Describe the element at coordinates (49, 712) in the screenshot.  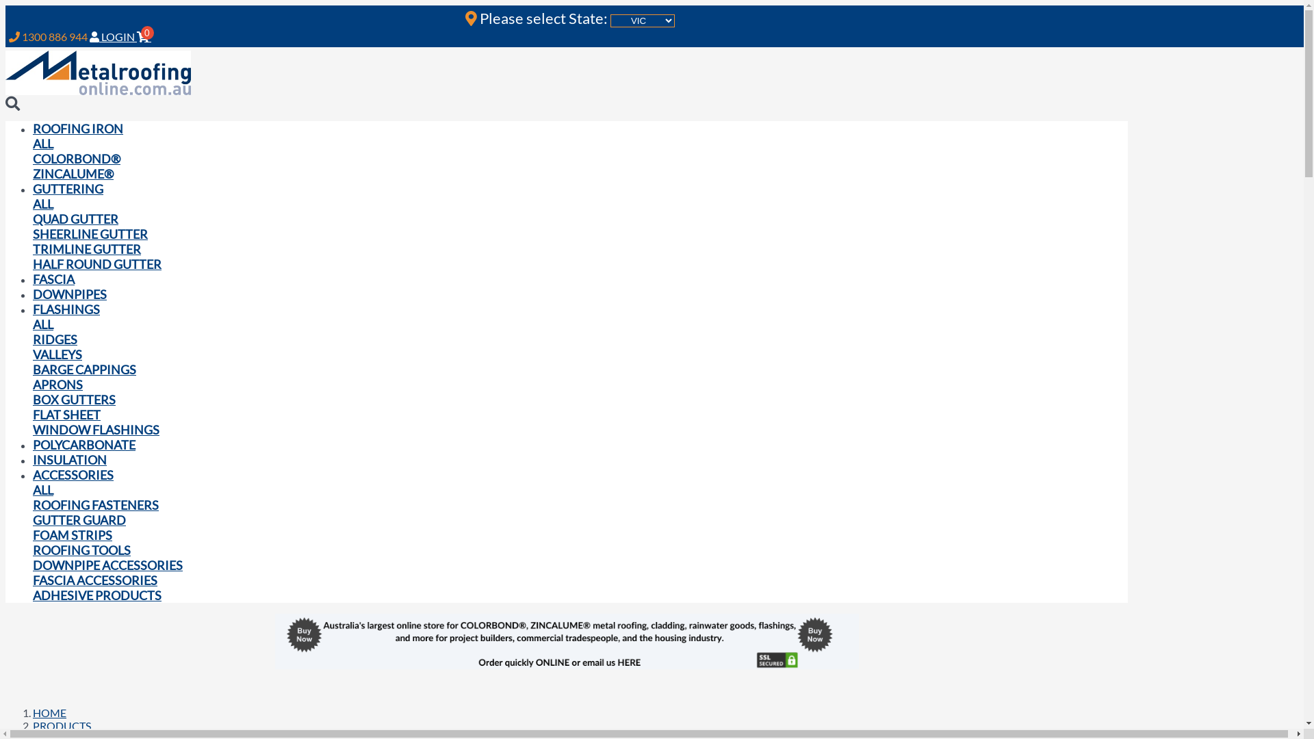
I see `'HOME'` at that location.